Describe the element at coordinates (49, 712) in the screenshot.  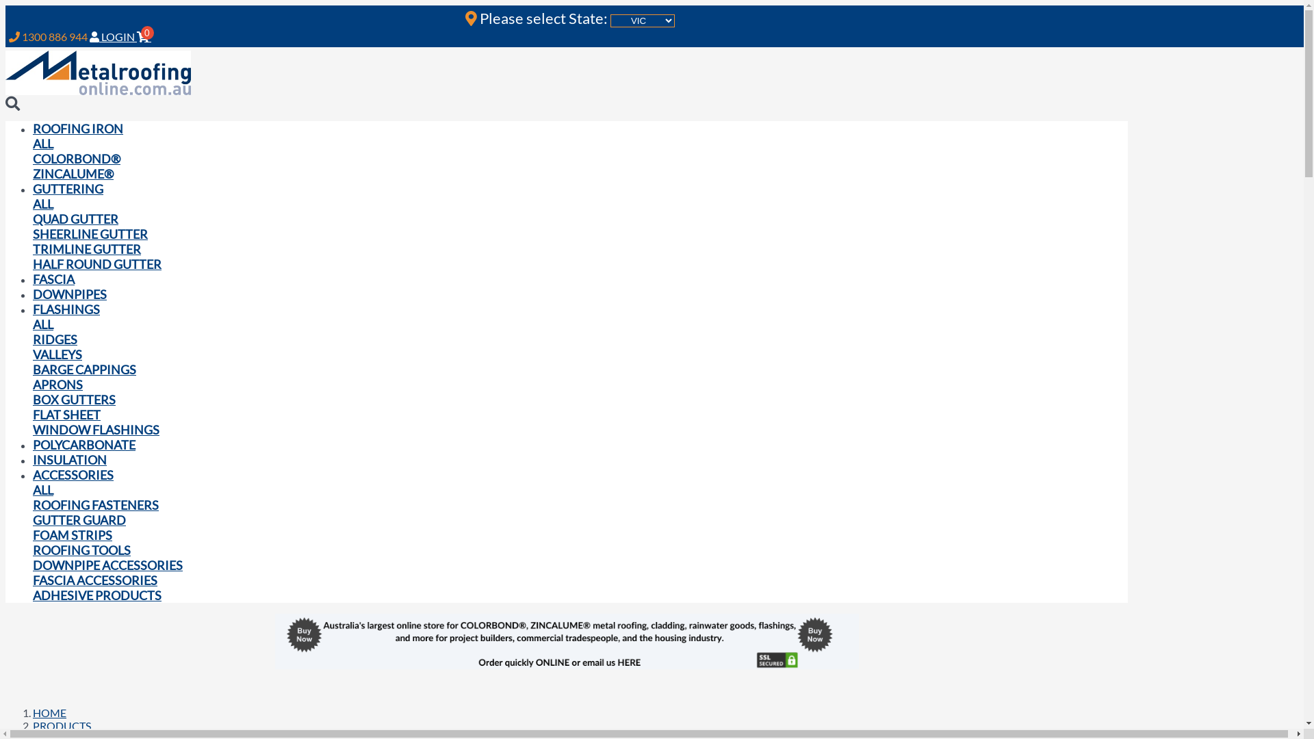
I see `'HOME'` at that location.